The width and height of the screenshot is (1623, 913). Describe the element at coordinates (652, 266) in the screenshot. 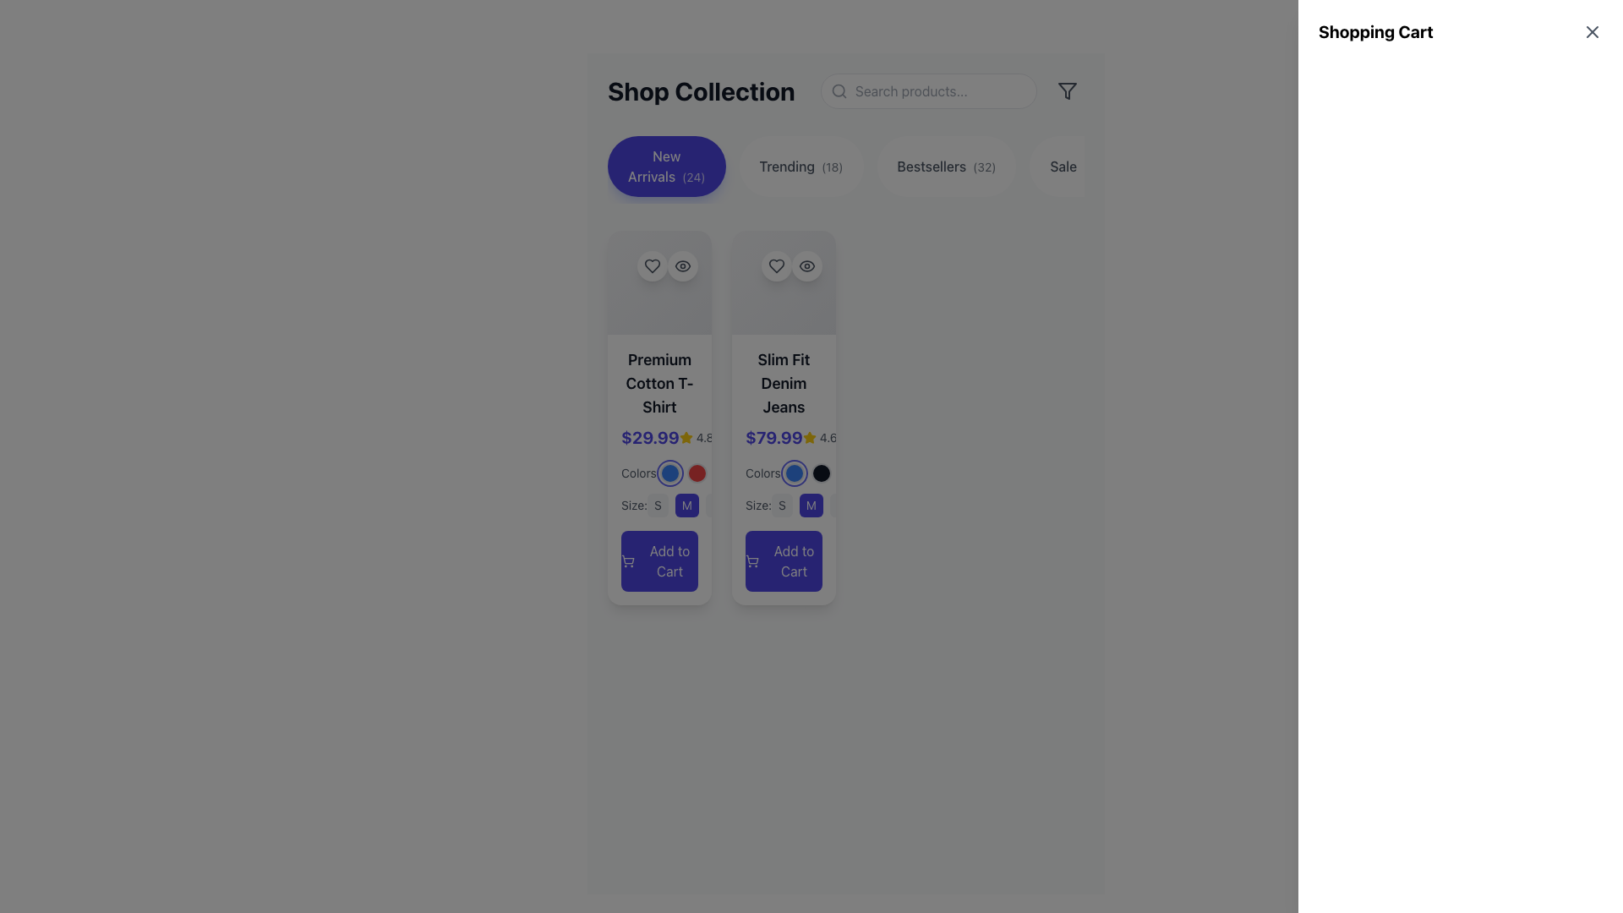

I see `the heart-shaped icon representing the favorite or wishlist function` at that location.